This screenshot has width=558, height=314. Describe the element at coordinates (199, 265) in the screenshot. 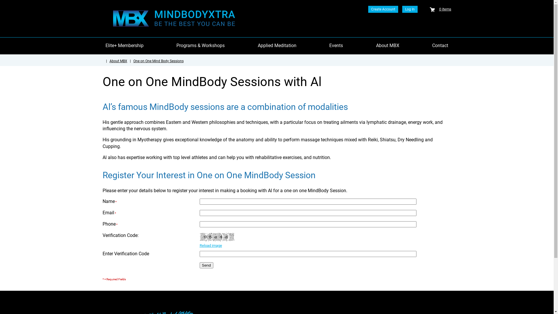

I see `'Send'` at that location.